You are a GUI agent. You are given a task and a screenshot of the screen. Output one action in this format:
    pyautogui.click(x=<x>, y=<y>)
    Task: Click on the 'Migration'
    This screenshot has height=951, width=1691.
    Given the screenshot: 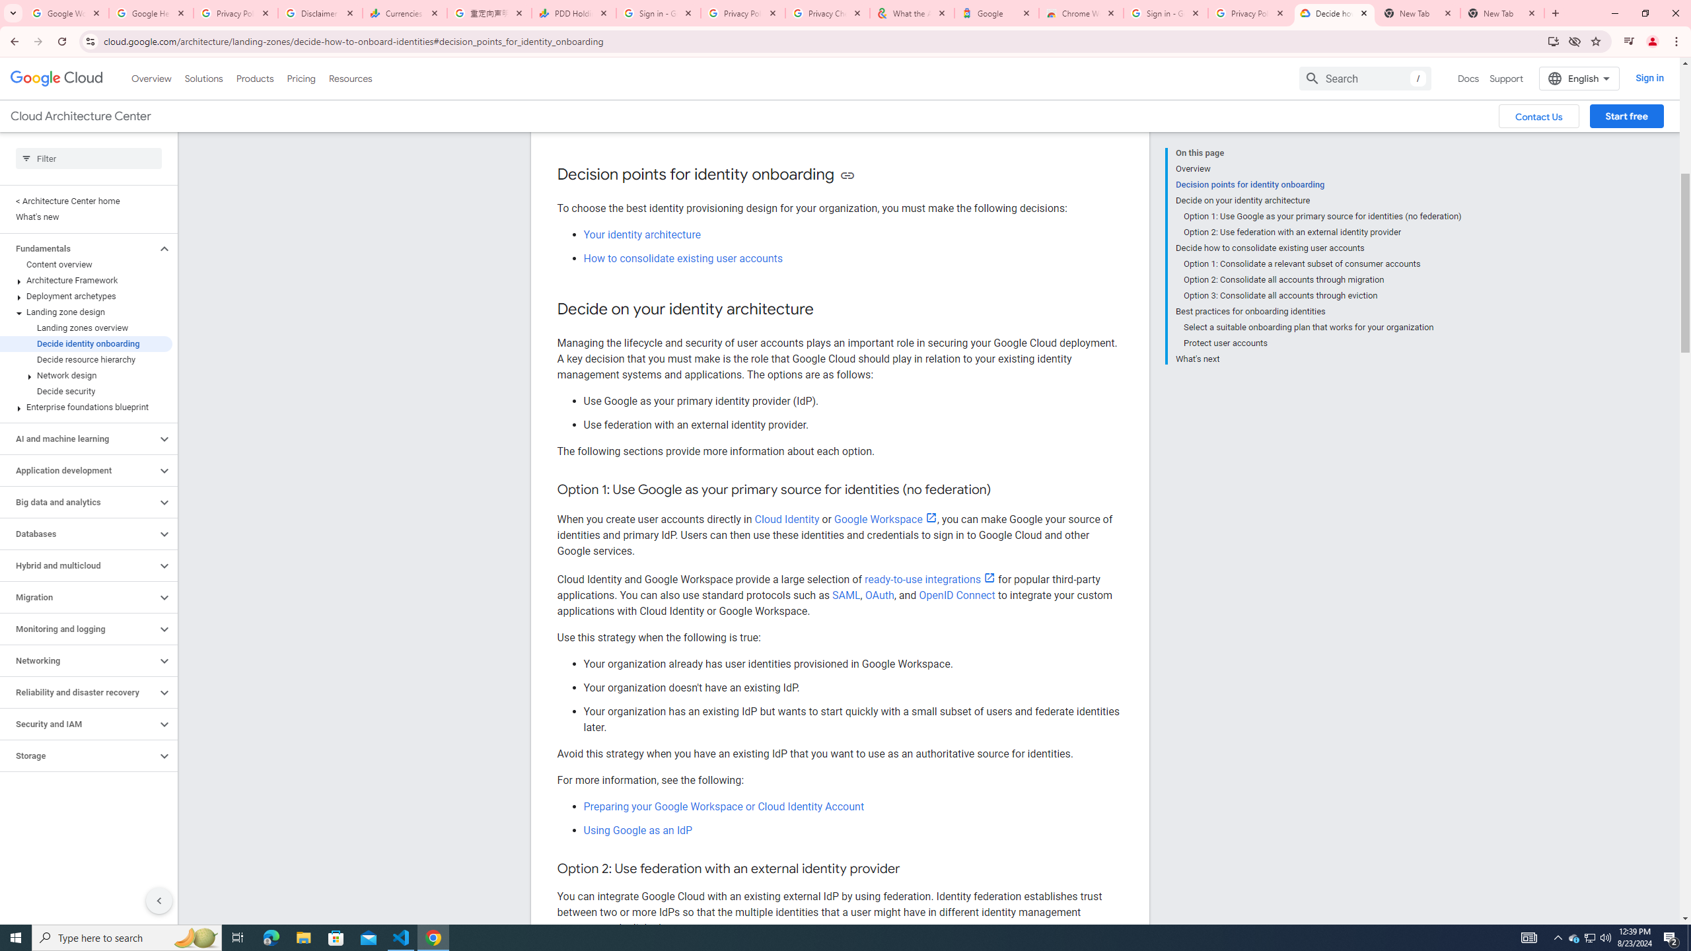 What is the action you would take?
    pyautogui.click(x=78, y=597)
    